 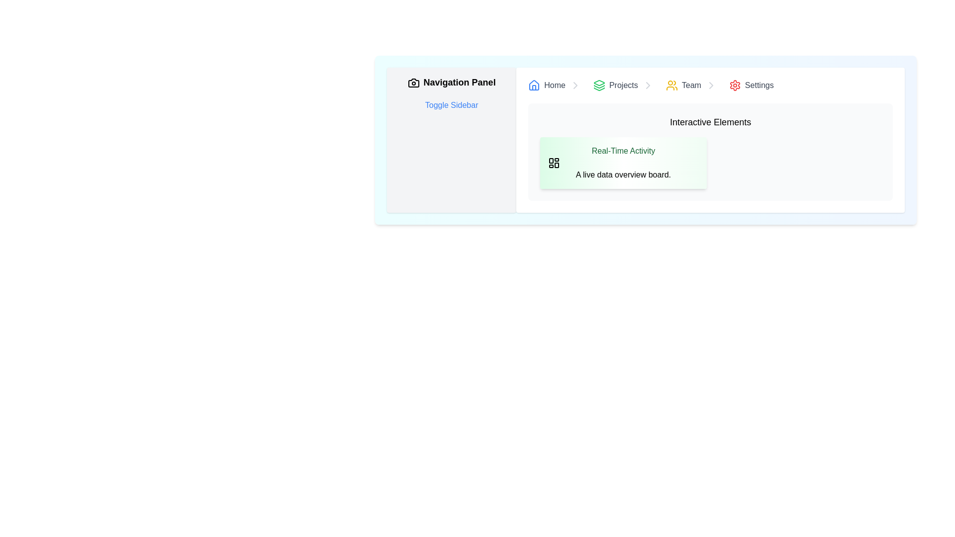 I want to click on the breadcrumb navigation bar, so click(x=710, y=85).